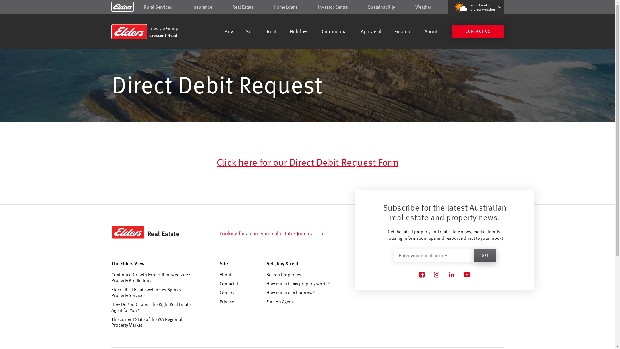 Image resolution: width=620 pixels, height=349 pixels. What do you see at coordinates (297, 283) in the screenshot?
I see `'How much is my property worth?'` at bounding box center [297, 283].